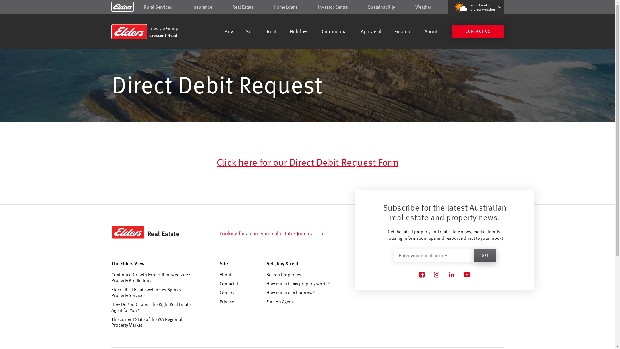 Image resolution: width=620 pixels, height=349 pixels. What do you see at coordinates (297, 283) in the screenshot?
I see `'How much is my property worth?'` at bounding box center [297, 283].